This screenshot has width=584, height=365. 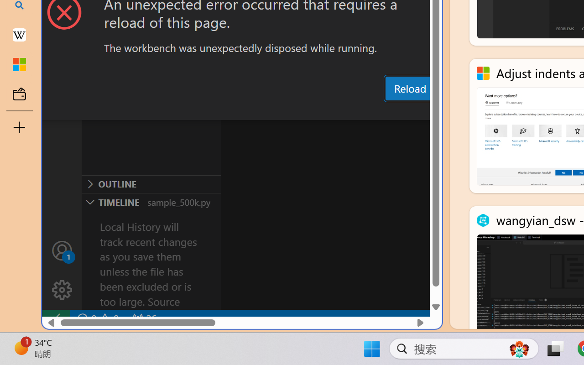 I want to click on 'Reload', so click(x=409, y=88).